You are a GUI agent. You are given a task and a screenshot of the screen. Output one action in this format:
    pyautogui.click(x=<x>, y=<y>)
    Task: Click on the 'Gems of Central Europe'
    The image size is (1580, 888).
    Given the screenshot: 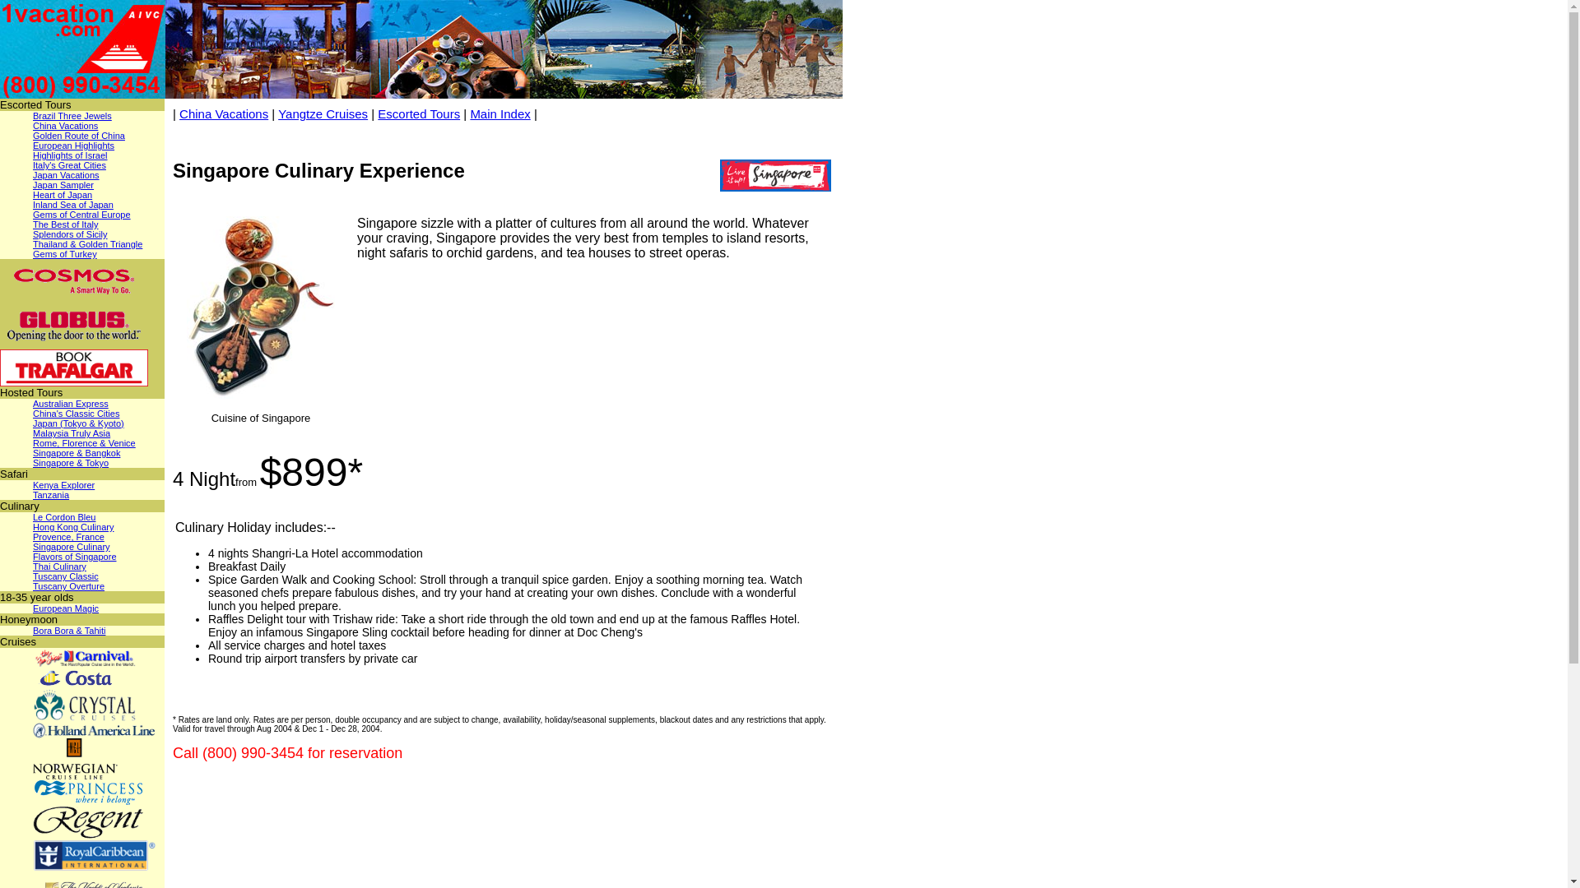 What is the action you would take?
    pyautogui.click(x=81, y=214)
    